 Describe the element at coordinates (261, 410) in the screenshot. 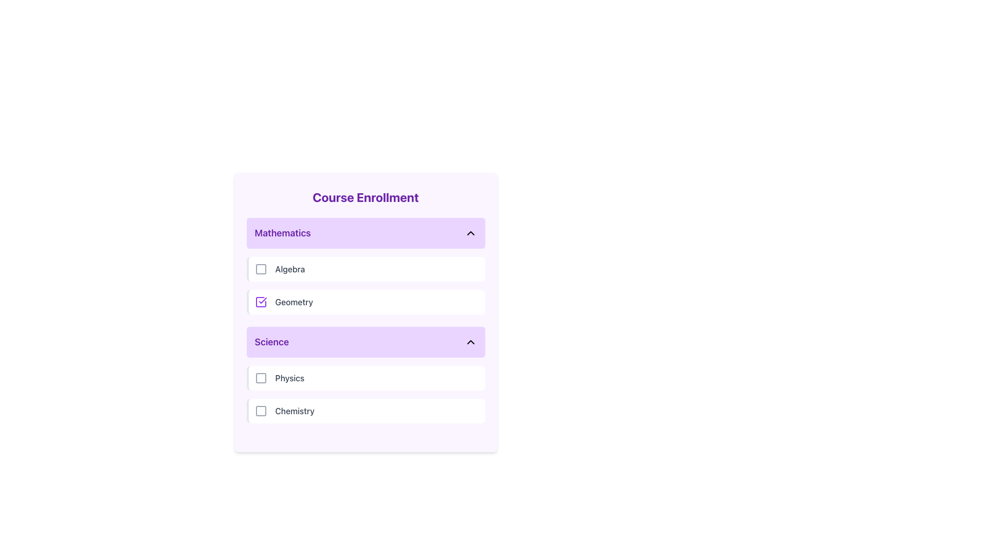

I see `the Checkbox Checked Indicator for the 'Chemistry' course` at that location.